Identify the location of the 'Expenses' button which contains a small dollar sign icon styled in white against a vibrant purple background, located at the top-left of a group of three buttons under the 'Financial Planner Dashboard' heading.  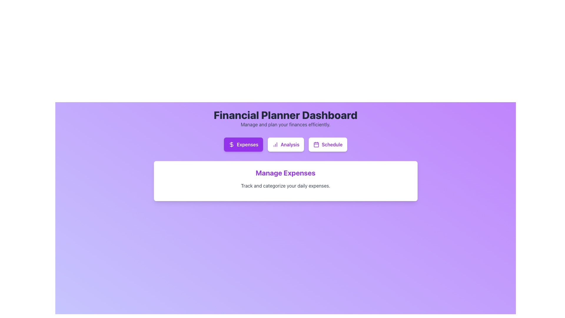
(231, 144).